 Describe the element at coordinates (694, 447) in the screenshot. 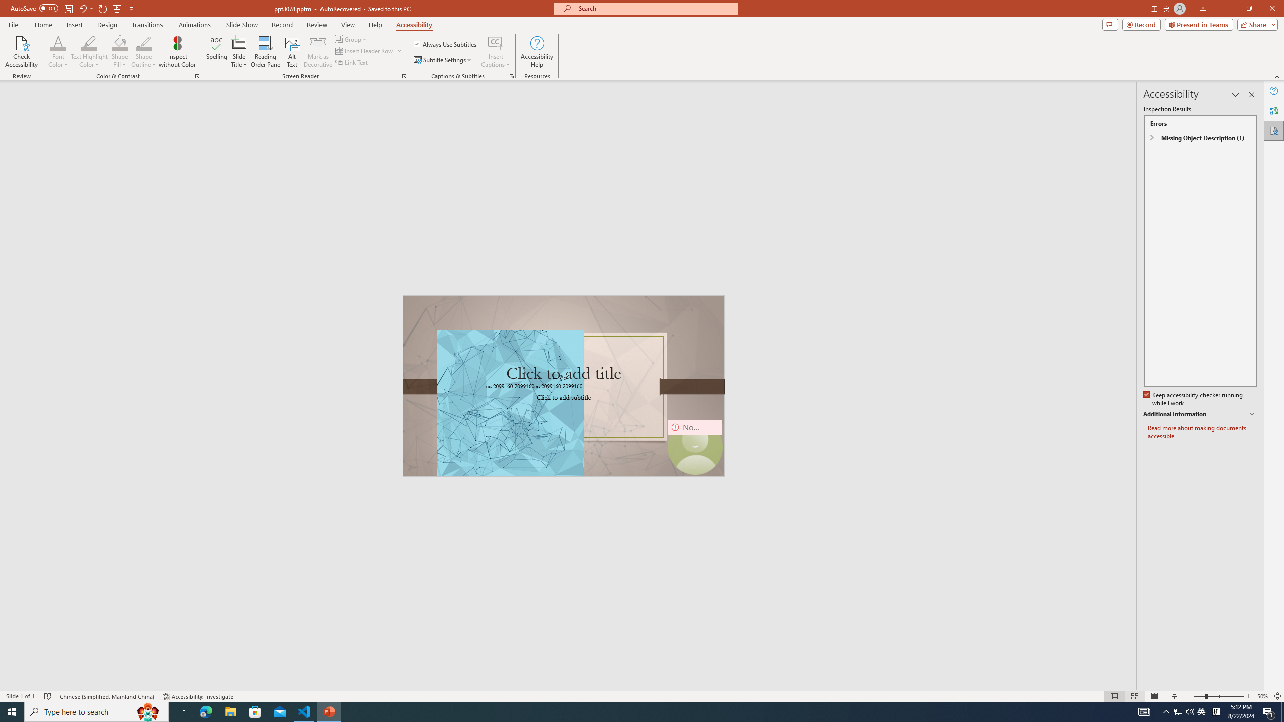

I see `'Camera 9, No camera detected.'` at that location.